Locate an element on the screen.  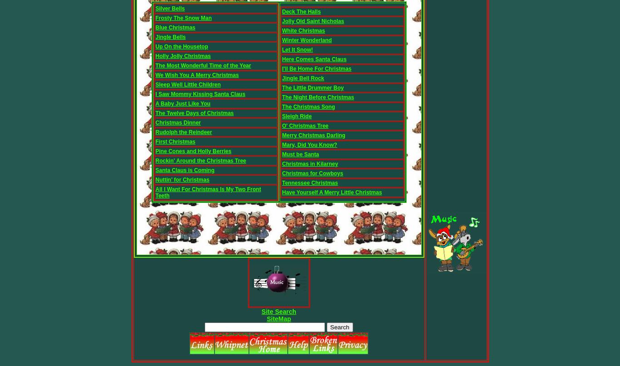
'All I Want For Christmas Is My Two Front Teeth' is located at coordinates (208, 193).